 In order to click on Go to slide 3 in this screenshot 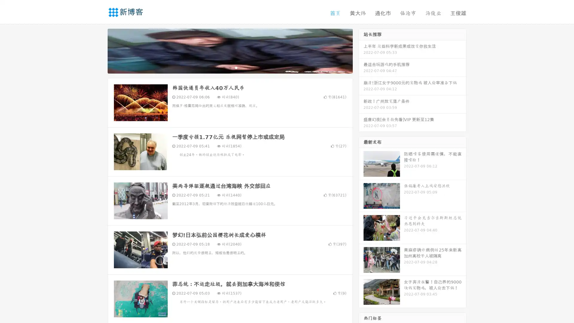, I will do `click(236, 67)`.